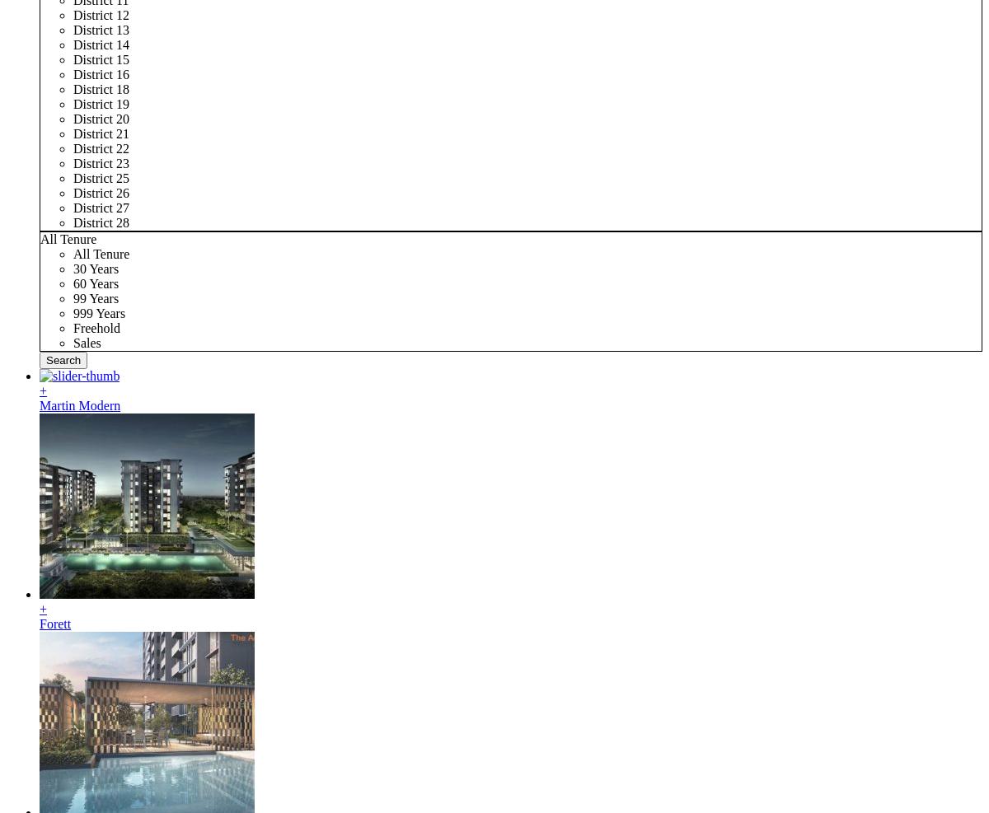 The image size is (989, 813). I want to click on 'District 18', so click(101, 89).